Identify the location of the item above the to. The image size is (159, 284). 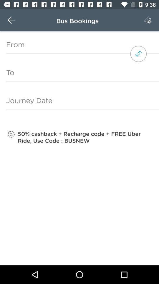
(138, 54).